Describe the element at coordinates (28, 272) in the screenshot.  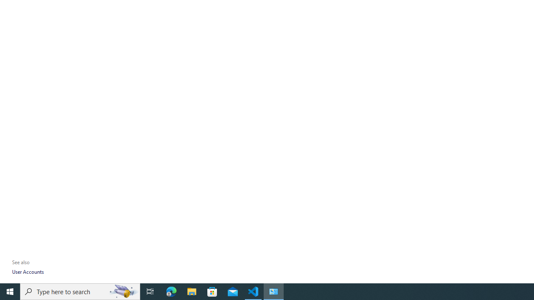
I see `'User Accounts'` at that location.